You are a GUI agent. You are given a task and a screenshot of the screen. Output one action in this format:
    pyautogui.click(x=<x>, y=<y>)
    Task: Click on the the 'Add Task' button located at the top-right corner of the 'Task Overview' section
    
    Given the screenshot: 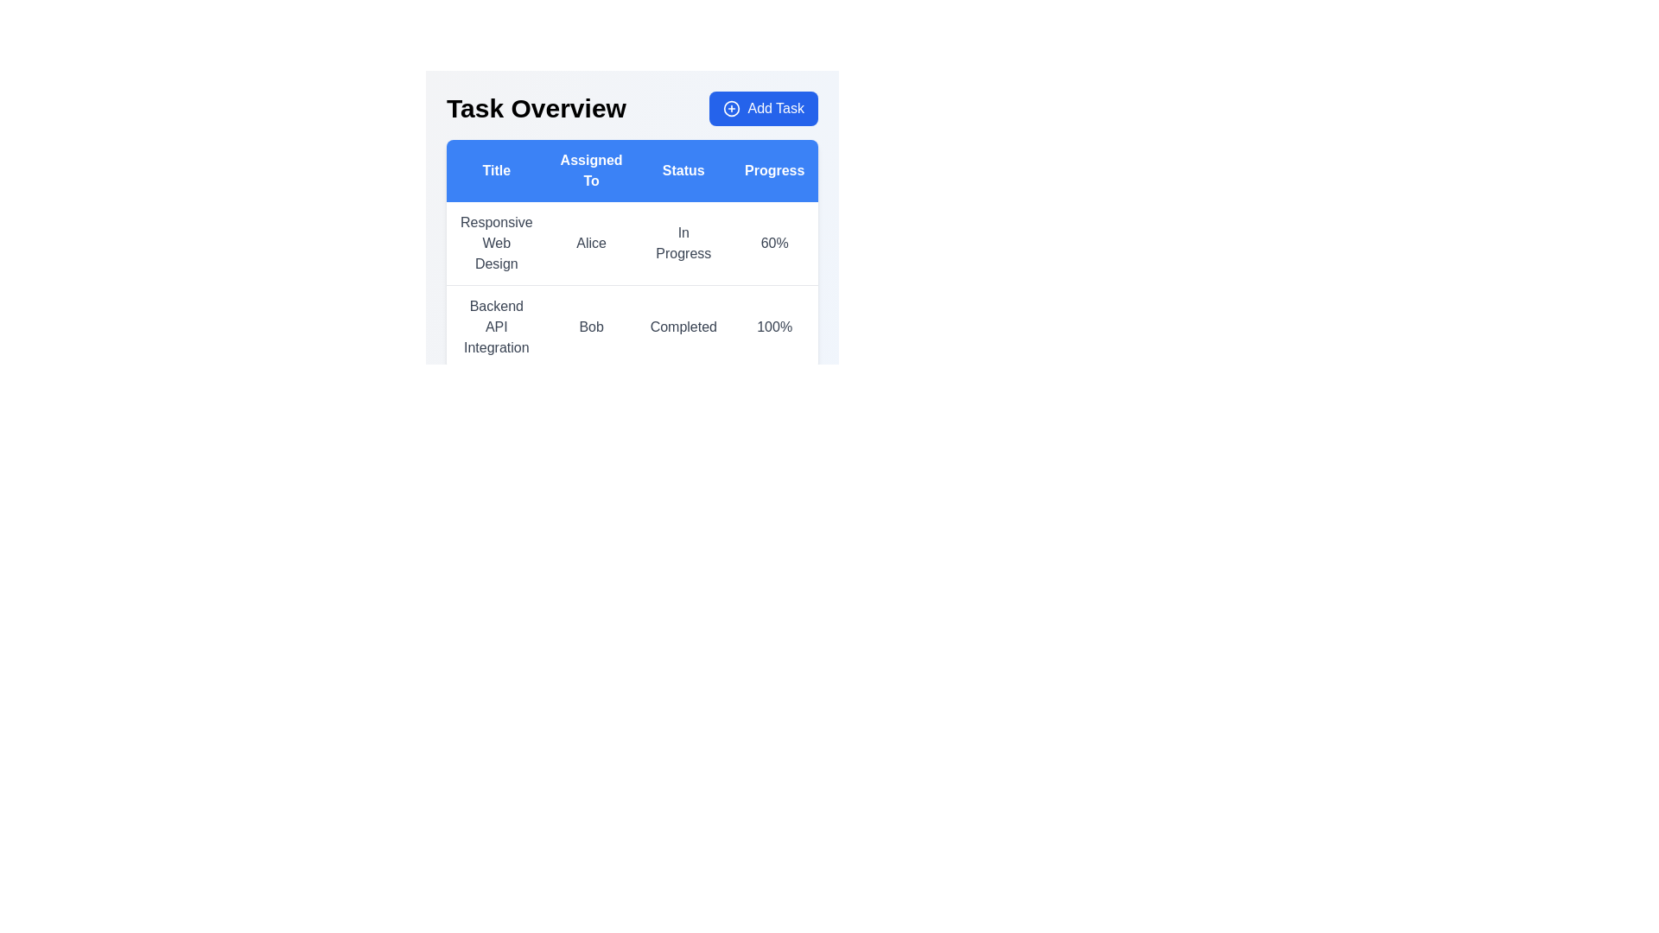 What is the action you would take?
    pyautogui.click(x=762, y=109)
    